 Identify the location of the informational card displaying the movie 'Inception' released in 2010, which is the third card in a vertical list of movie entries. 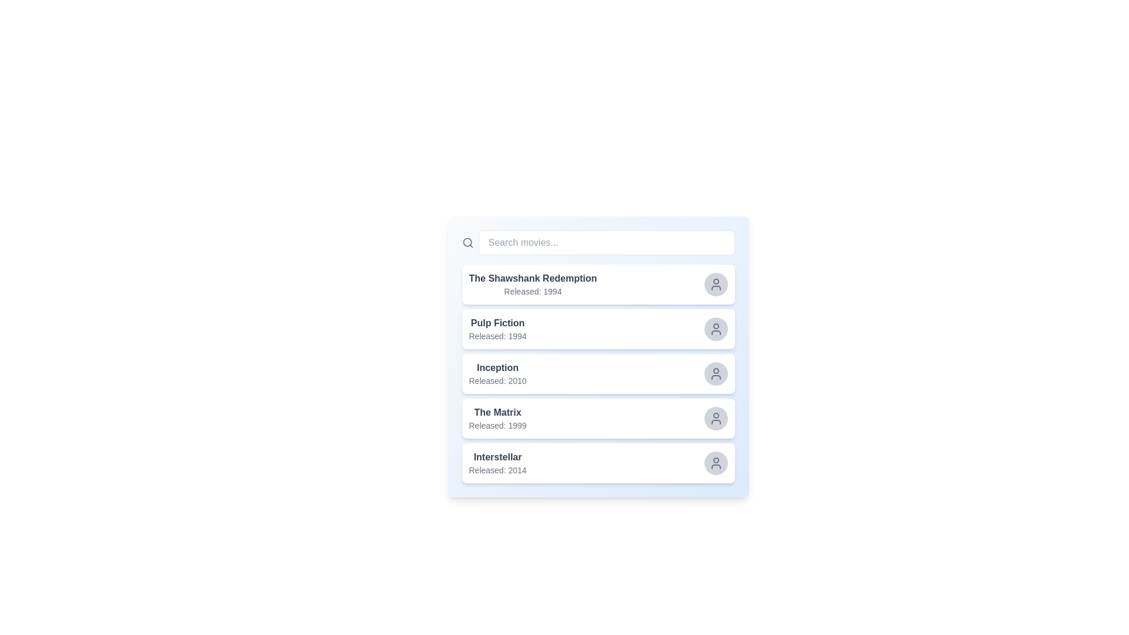
(598, 374).